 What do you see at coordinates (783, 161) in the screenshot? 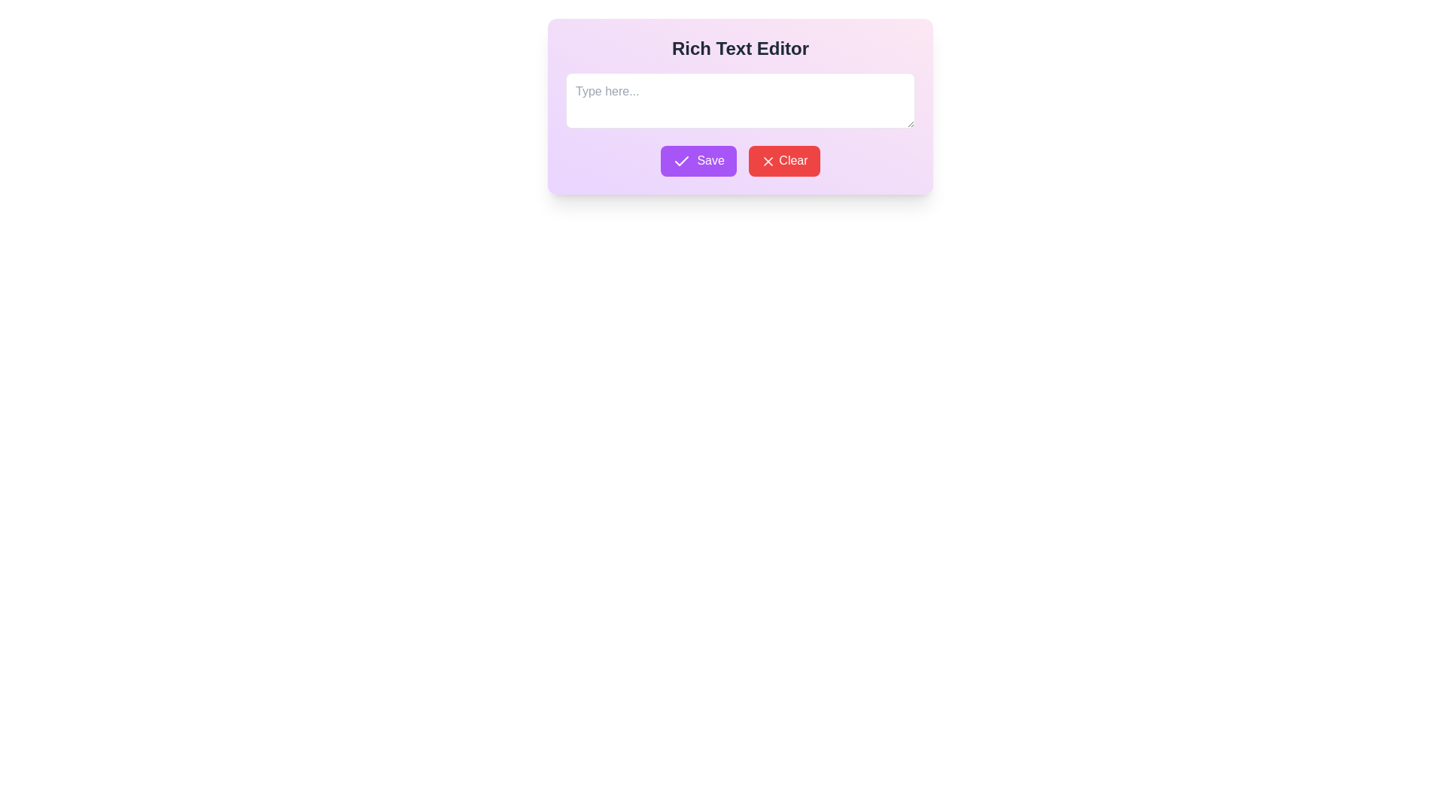
I see `the 'Clear' button, which is a rectangular button with a red background and white text, displaying the label 'Clear'` at bounding box center [783, 161].